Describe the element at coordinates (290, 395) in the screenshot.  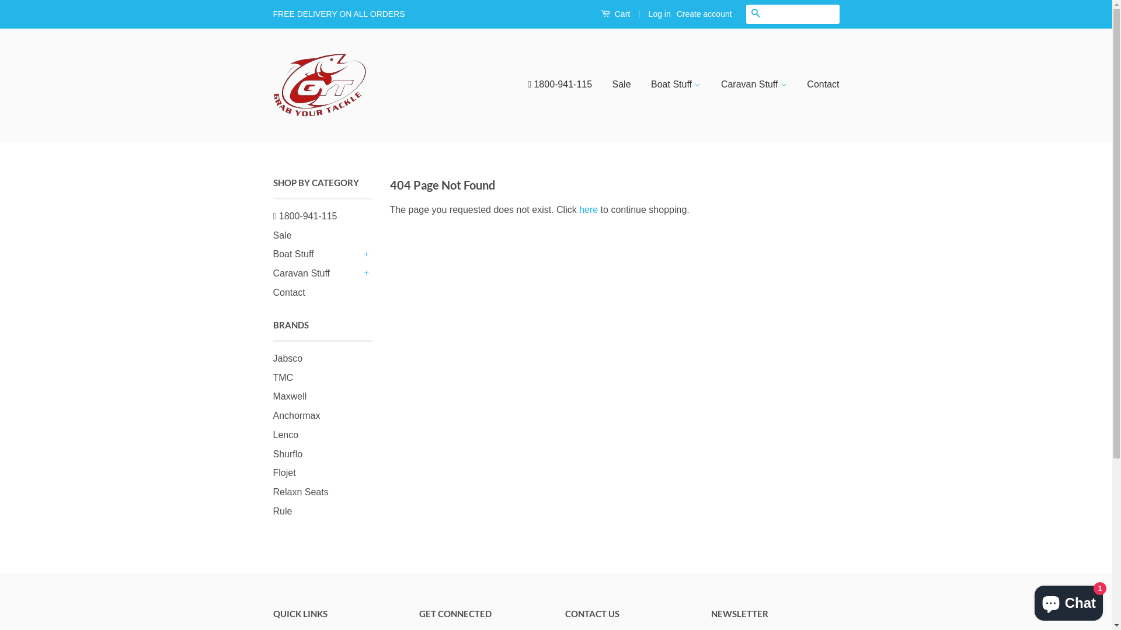
I see `'Maxwell'` at that location.